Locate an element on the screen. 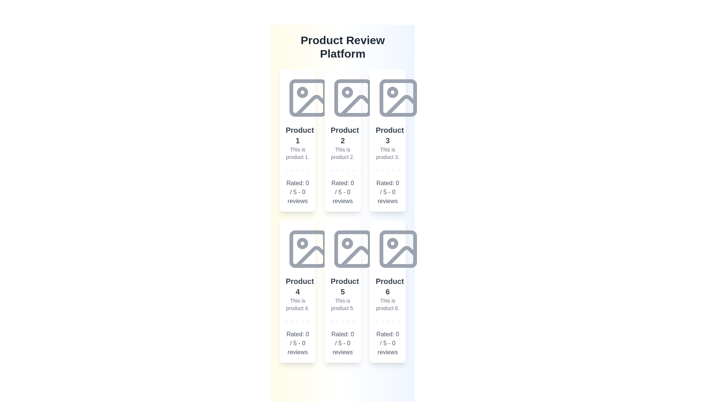 This screenshot has width=718, height=404. the product card for Product 5 is located at coordinates (342, 291).